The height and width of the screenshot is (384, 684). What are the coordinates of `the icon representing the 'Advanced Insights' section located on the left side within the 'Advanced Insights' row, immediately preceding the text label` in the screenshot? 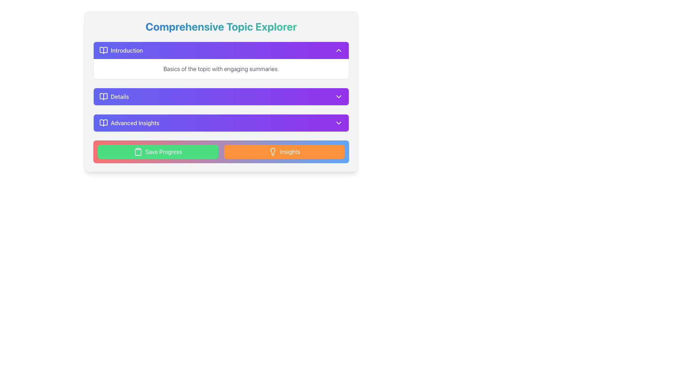 It's located at (103, 123).